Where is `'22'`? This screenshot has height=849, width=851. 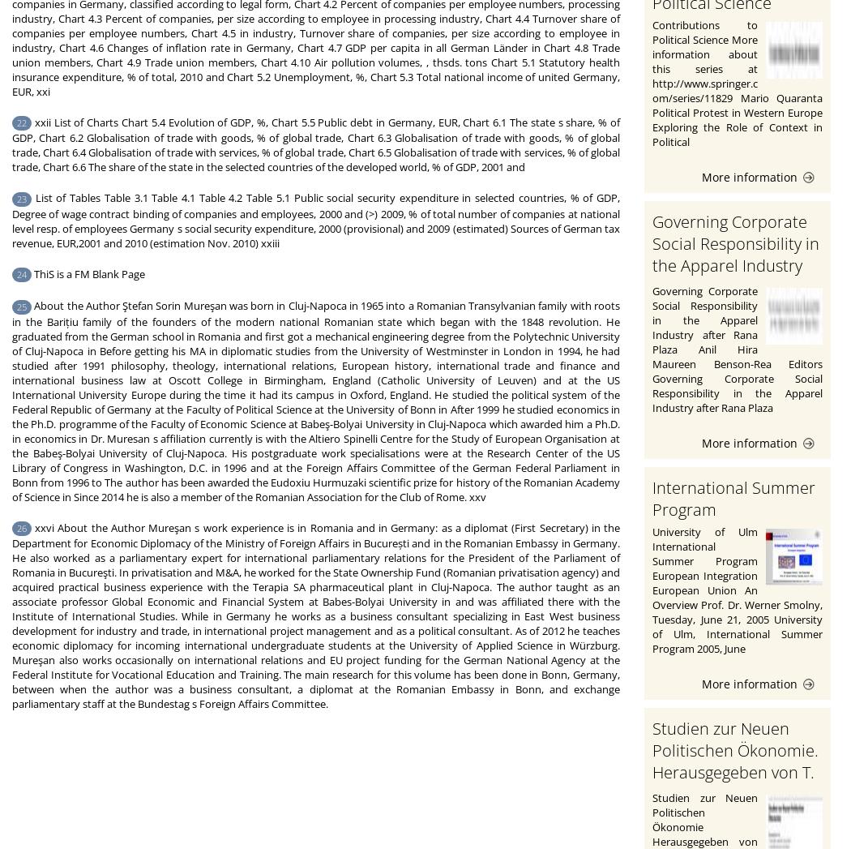 '22' is located at coordinates (21, 122).